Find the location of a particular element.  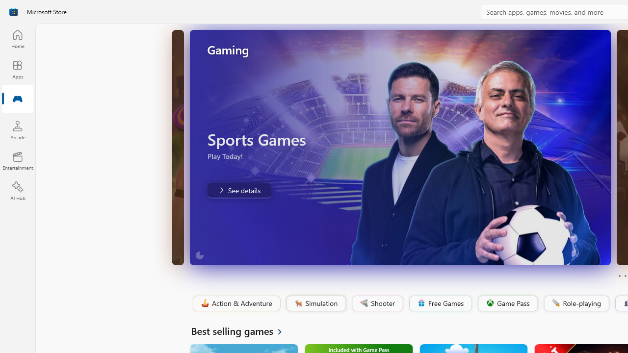

'Home' is located at coordinates (17, 38).